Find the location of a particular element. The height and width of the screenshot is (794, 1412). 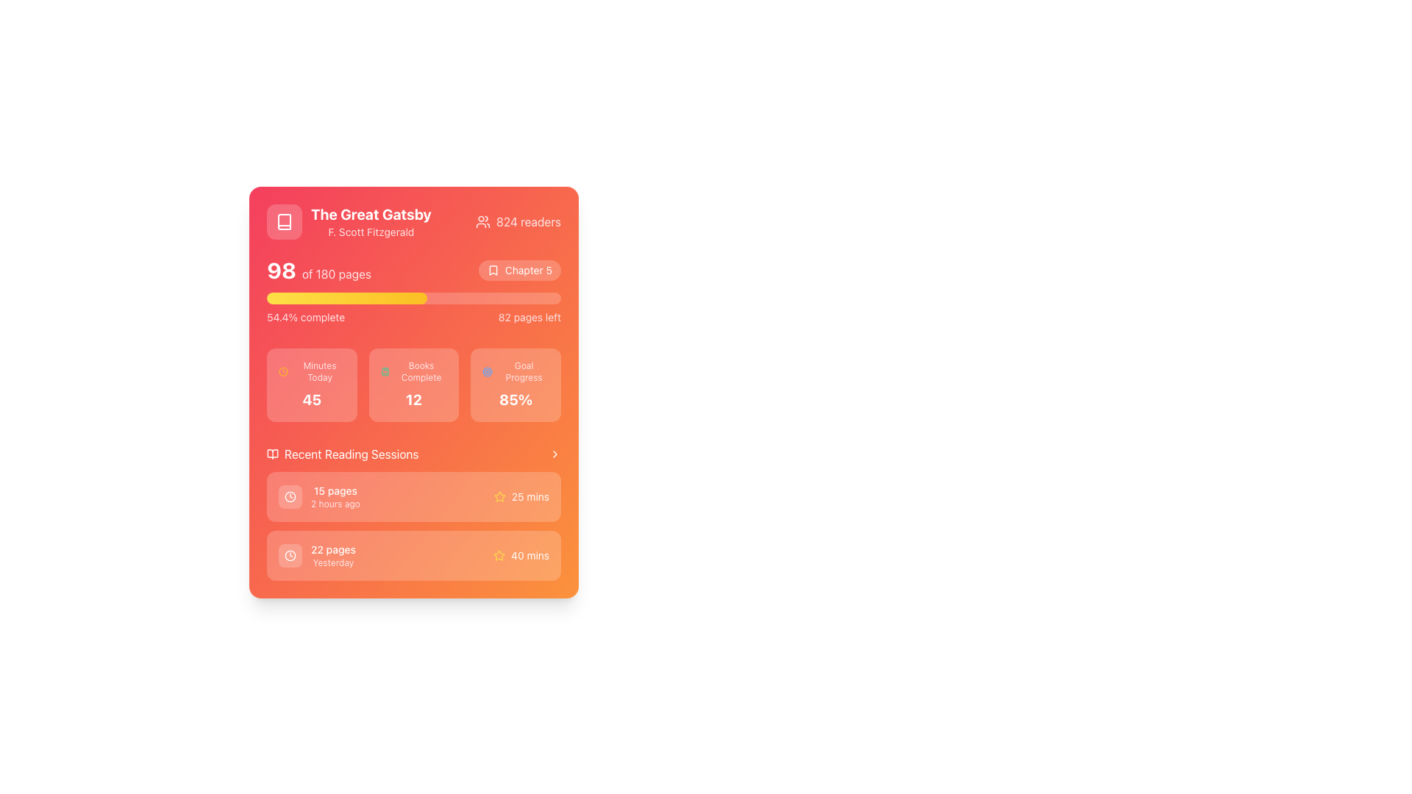

text element that serves as a time indicator located in the bottom-right corner of the recent reading session information section, specifically the second timestamp displayed after '25 mins' is located at coordinates (529, 556).